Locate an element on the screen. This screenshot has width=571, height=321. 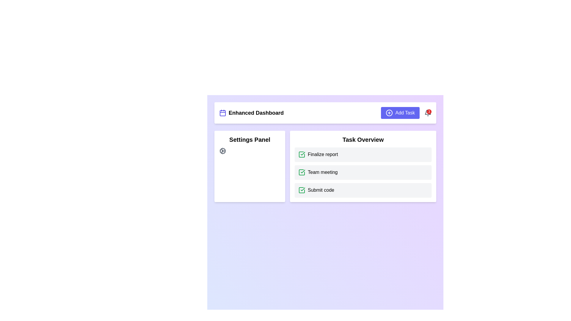
the small rounded rectangle graphical icon component resembling a calendar's day cell, located left of the title 'Enhanced Dashboard' in the header bar is located at coordinates (222, 113).